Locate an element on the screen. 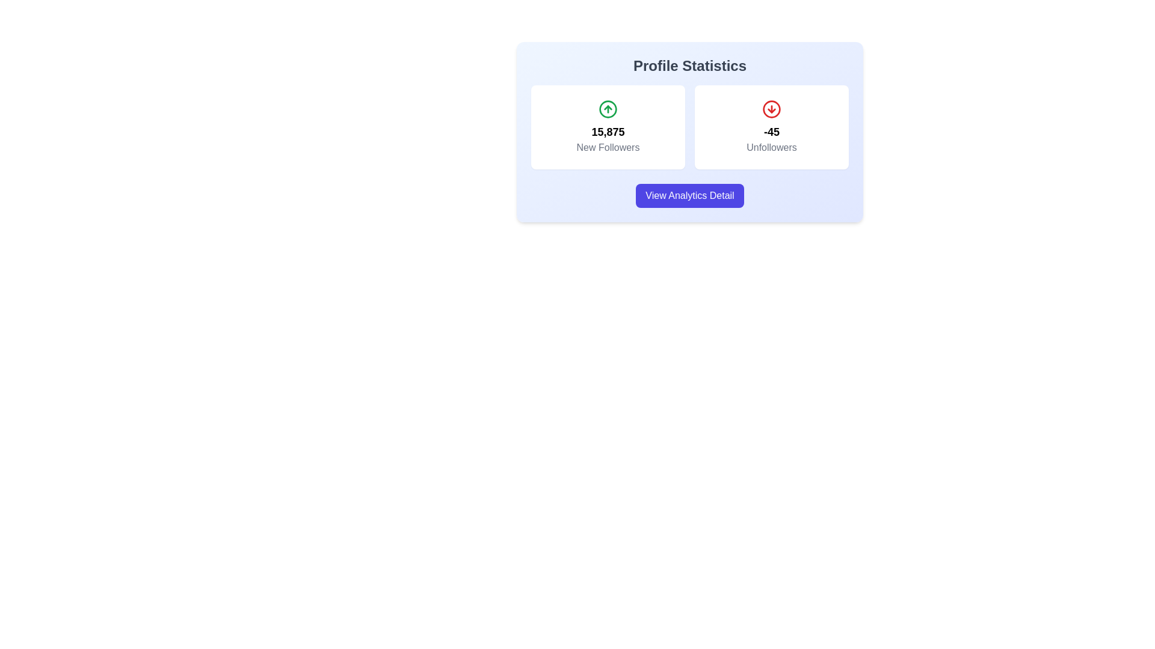 Image resolution: width=1155 pixels, height=649 pixels. the static text label 'New Followers' located below the numeric text '15,875' in the Profile Statistics card on the left side of the layout is located at coordinates (608, 147).